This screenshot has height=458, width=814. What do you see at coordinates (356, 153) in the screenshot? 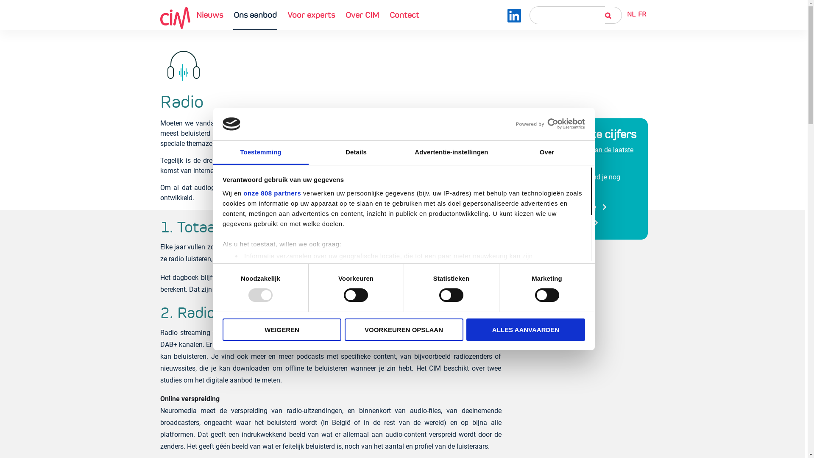
I see `'Details'` at bounding box center [356, 153].